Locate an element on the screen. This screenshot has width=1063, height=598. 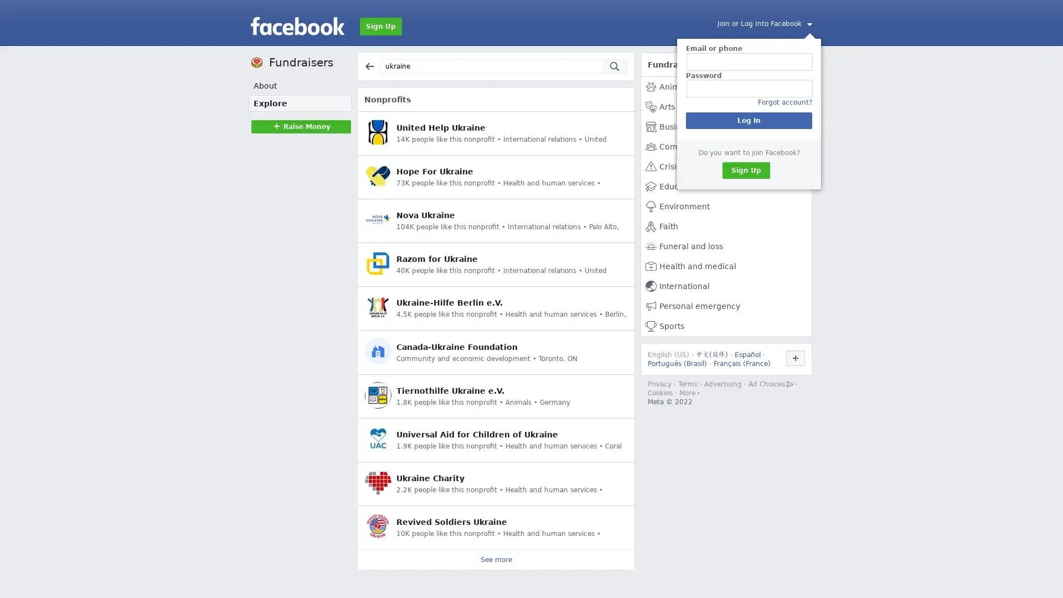
Canada-Ukraine Foundation Community and economic development  Toronto, ON is located at coordinates (496, 352).